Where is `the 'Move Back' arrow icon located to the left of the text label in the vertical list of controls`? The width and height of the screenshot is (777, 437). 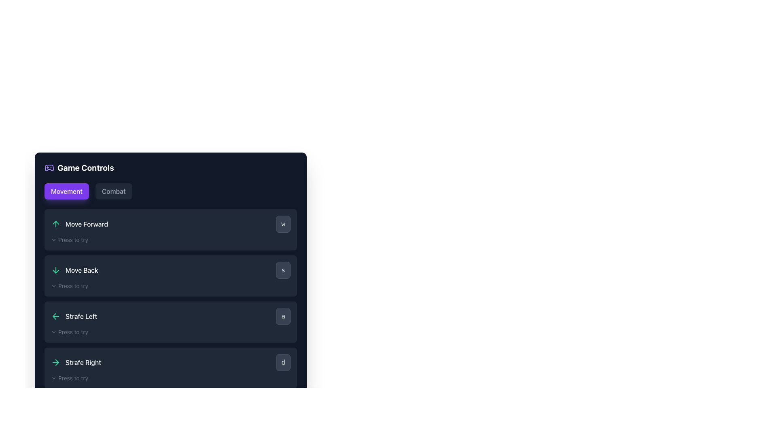 the 'Move Back' arrow icon located to the left of the text label in the vertical list of controls is located at coordinates (55, 270).